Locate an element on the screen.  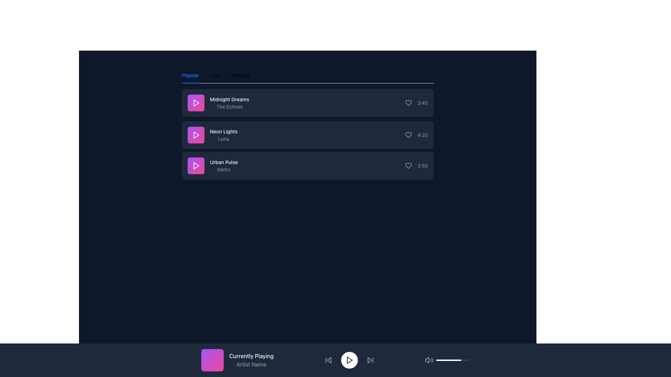
the 'Popular' tab, which is the first tab in the horizontal tab layout at the top left of the main content area is located at coordinates (190, 75).